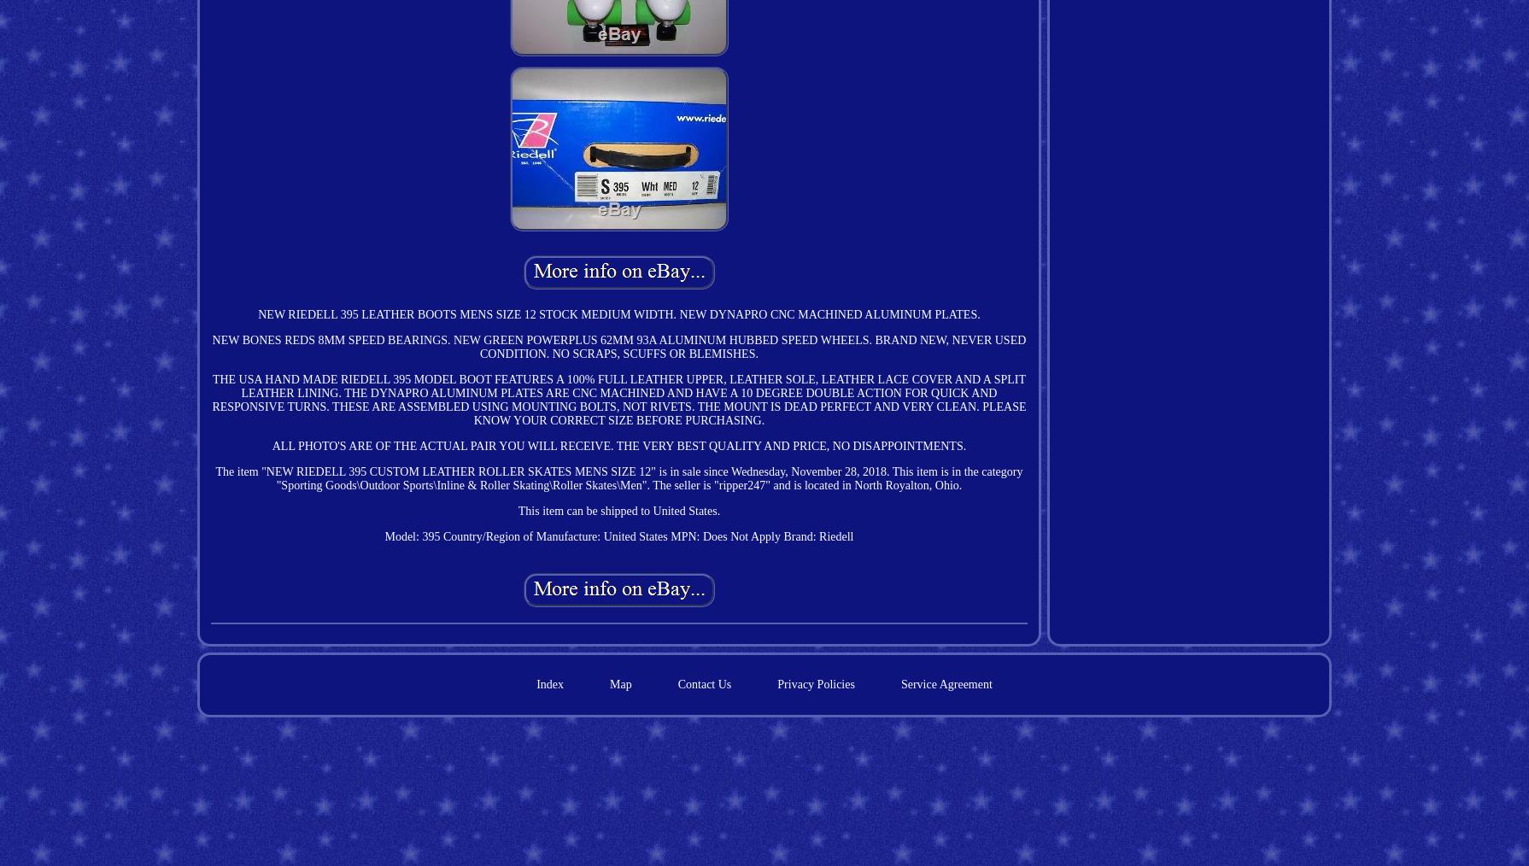  I want to click on 'This item can be shipped to United States.', so click(618, 510).